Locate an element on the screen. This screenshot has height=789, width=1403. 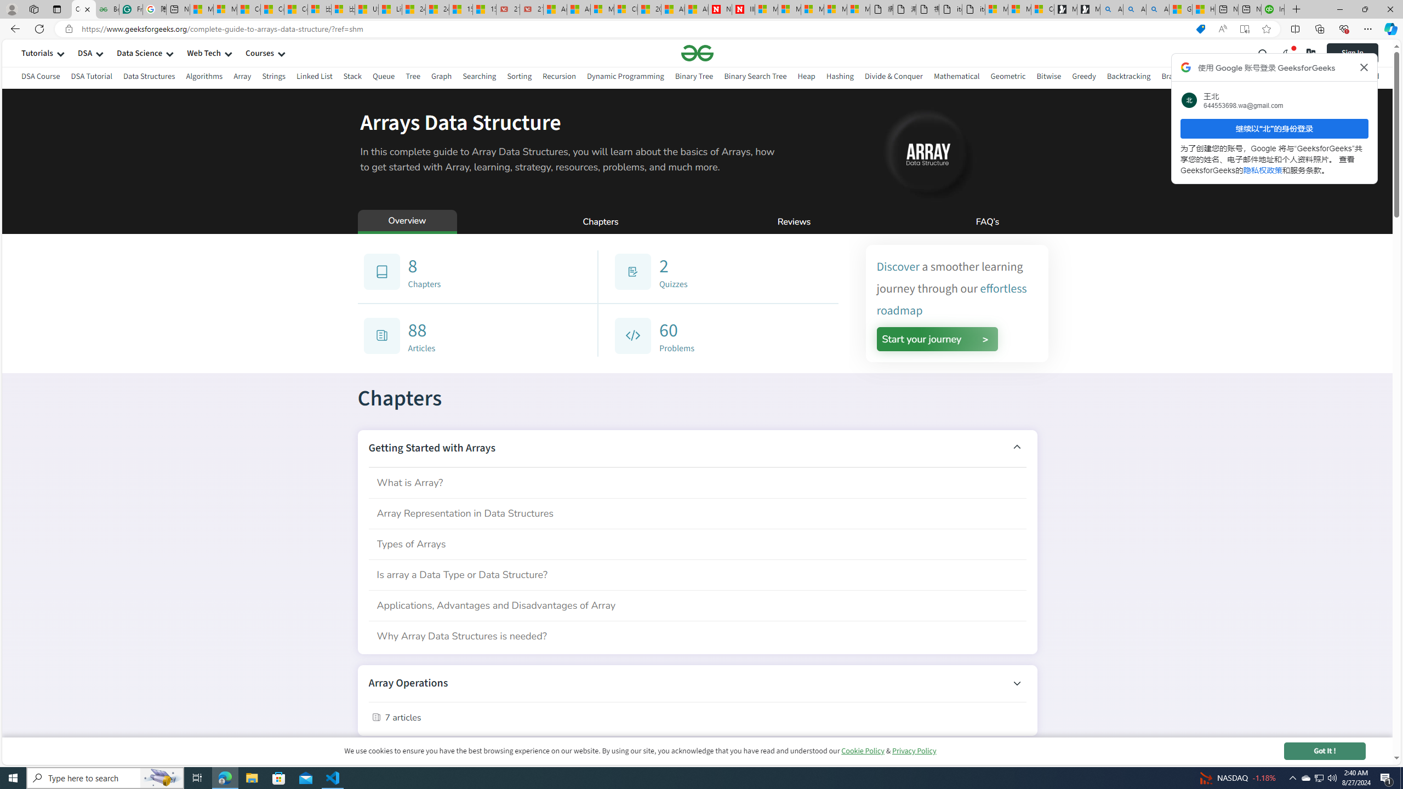
'Start your journey >' is located at coordinates (937, 339).